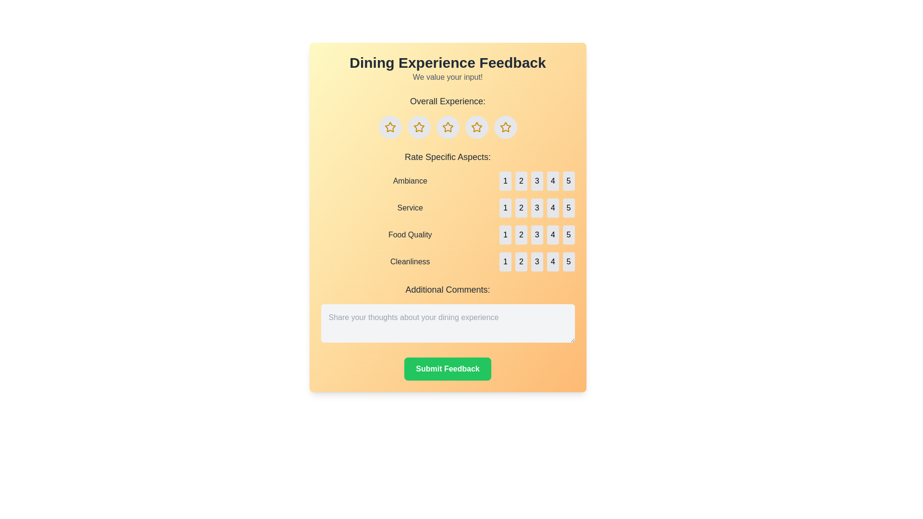 The height and width of the screenshot is (519, 923). What do you see at coordinates (536, 207) in the screenshot?
I see `button labeled '3' with a gray background and rounded corners, located in the 'Rate Specific Aspects' section below the 'Service' label` at bounding box center [536, 207].